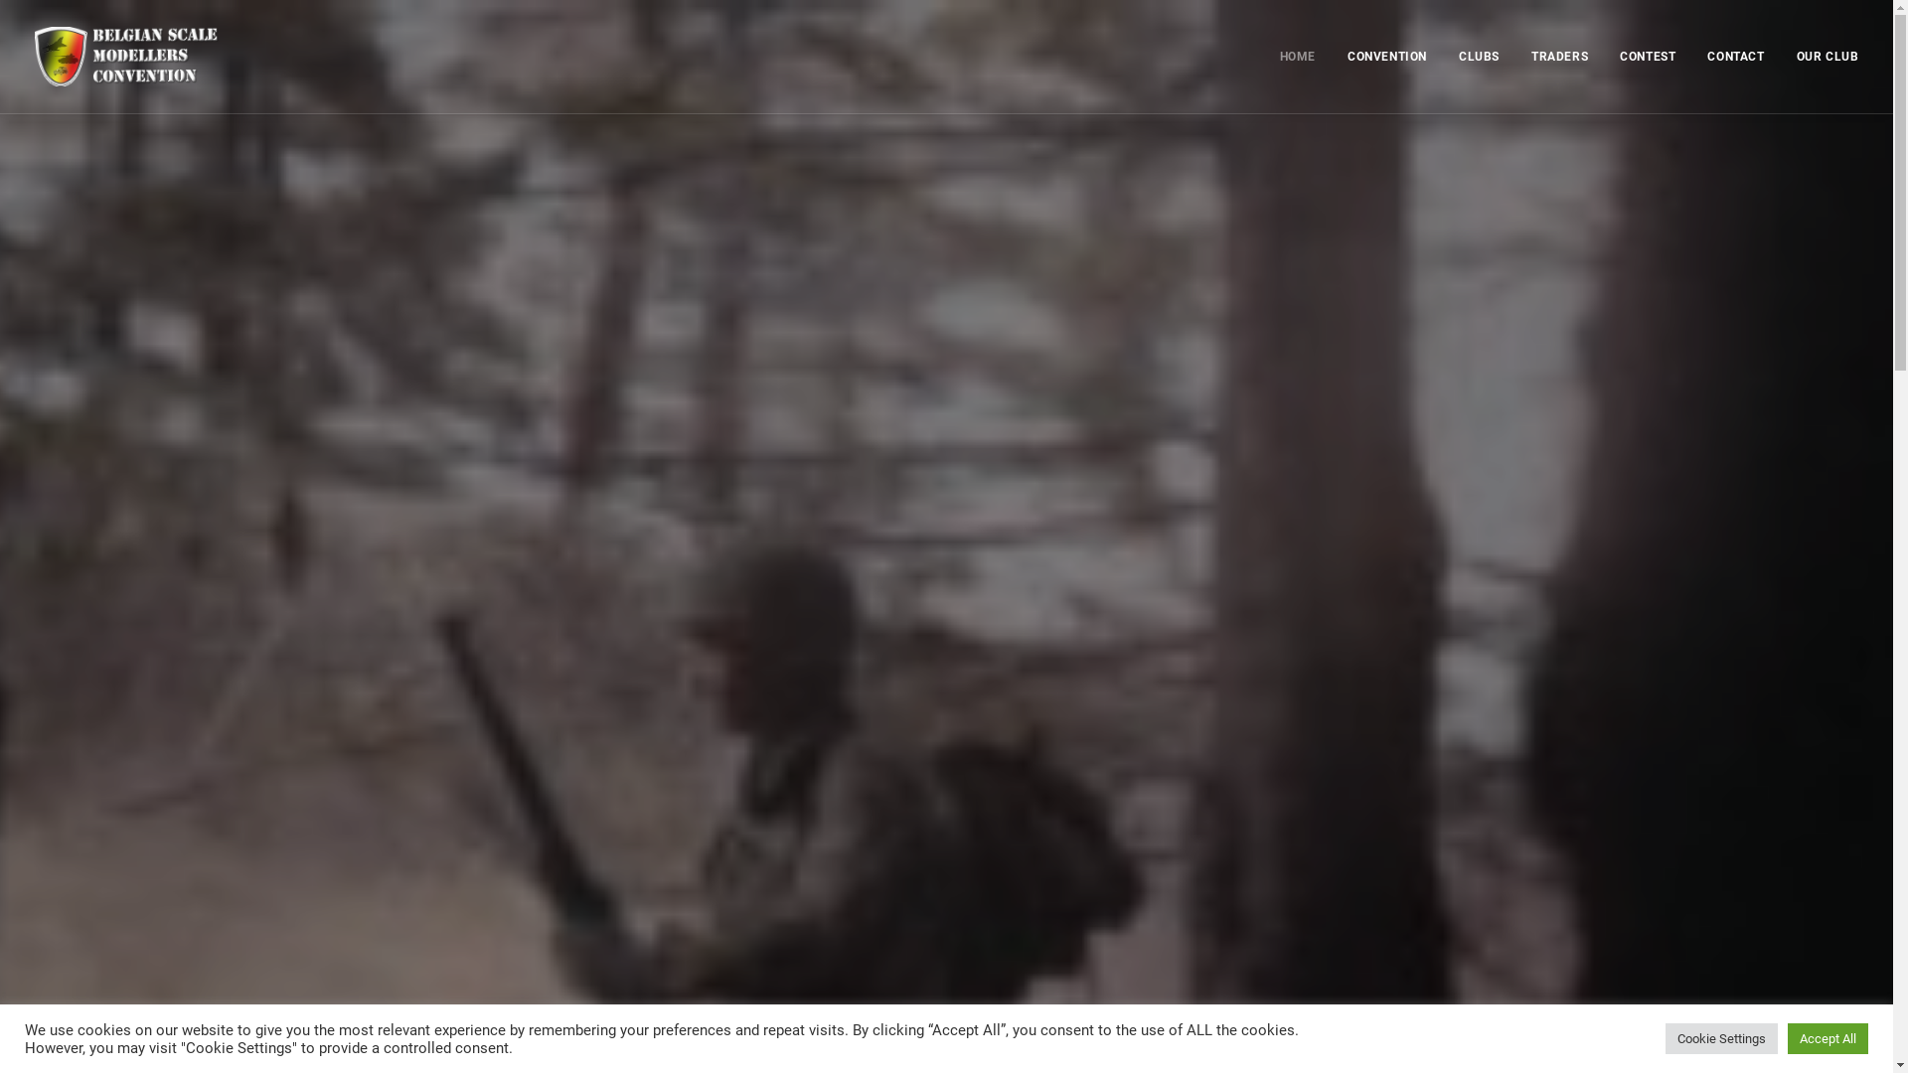  Describe the element at coordinates (1305, 56) in the screenshot. I see `'HOME'` at that location.